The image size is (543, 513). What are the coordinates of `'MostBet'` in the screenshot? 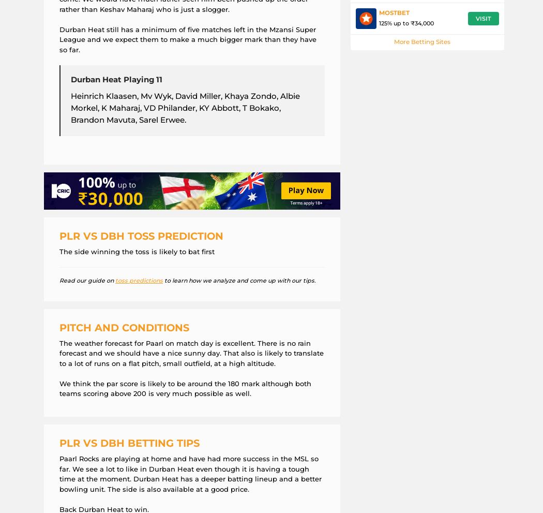 It's located at (394, 11).